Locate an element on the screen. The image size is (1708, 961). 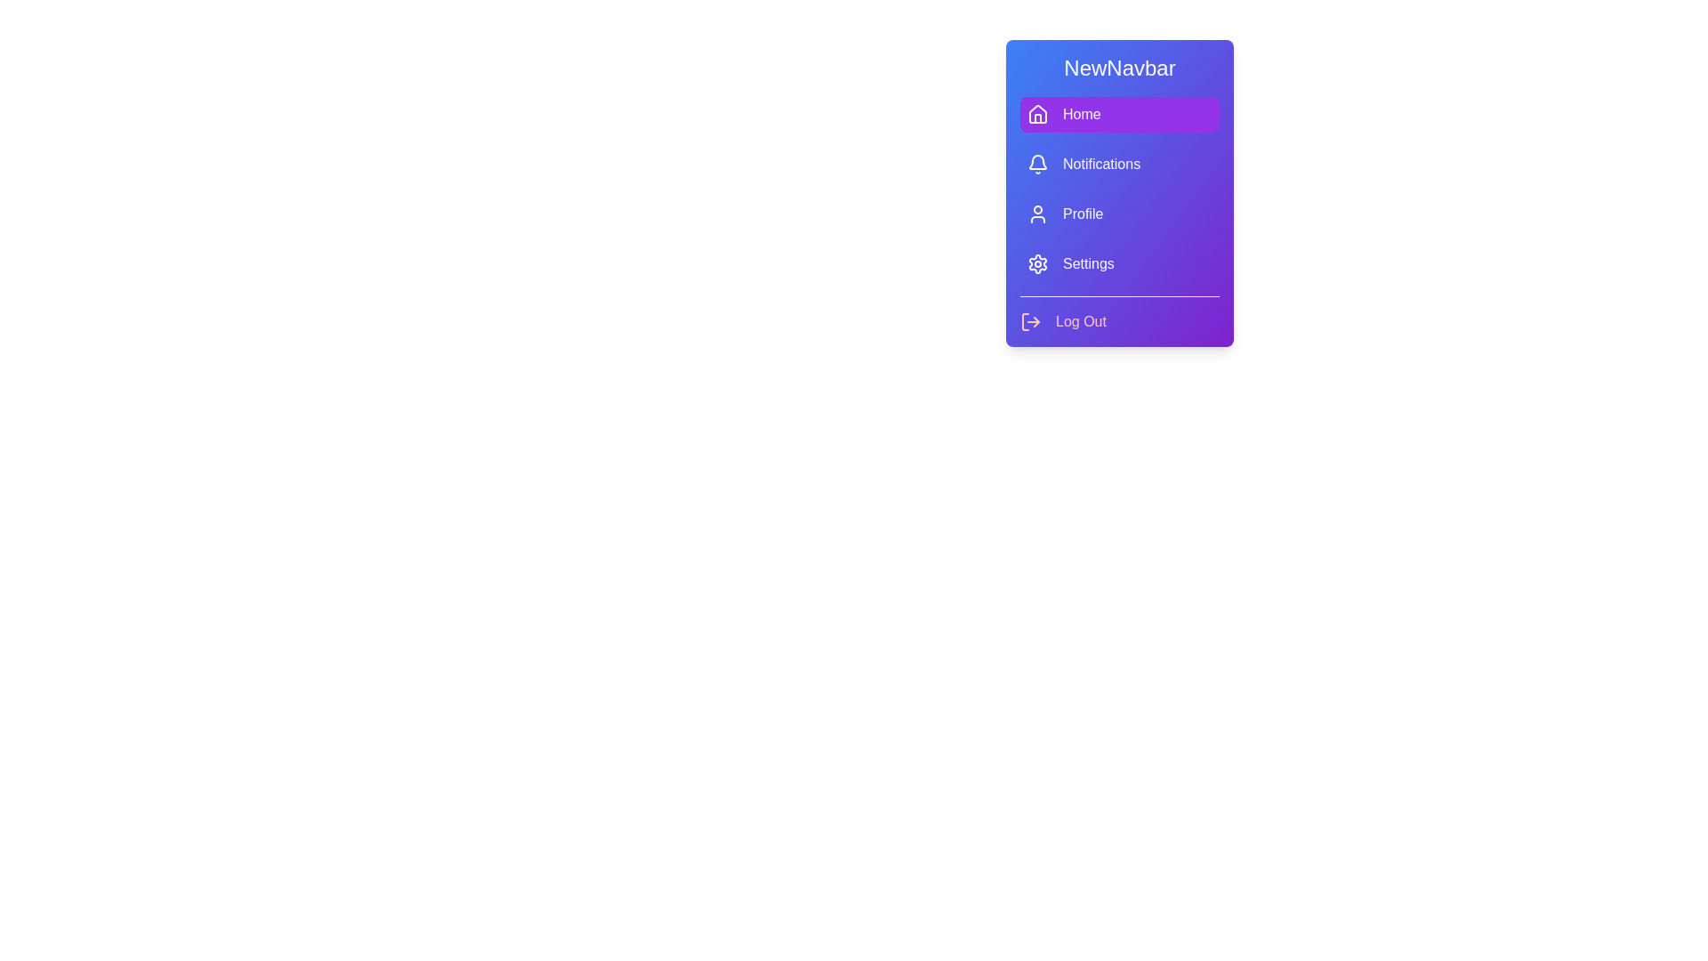
the 'Log Out' icon is located at coordinates (1030, 322).